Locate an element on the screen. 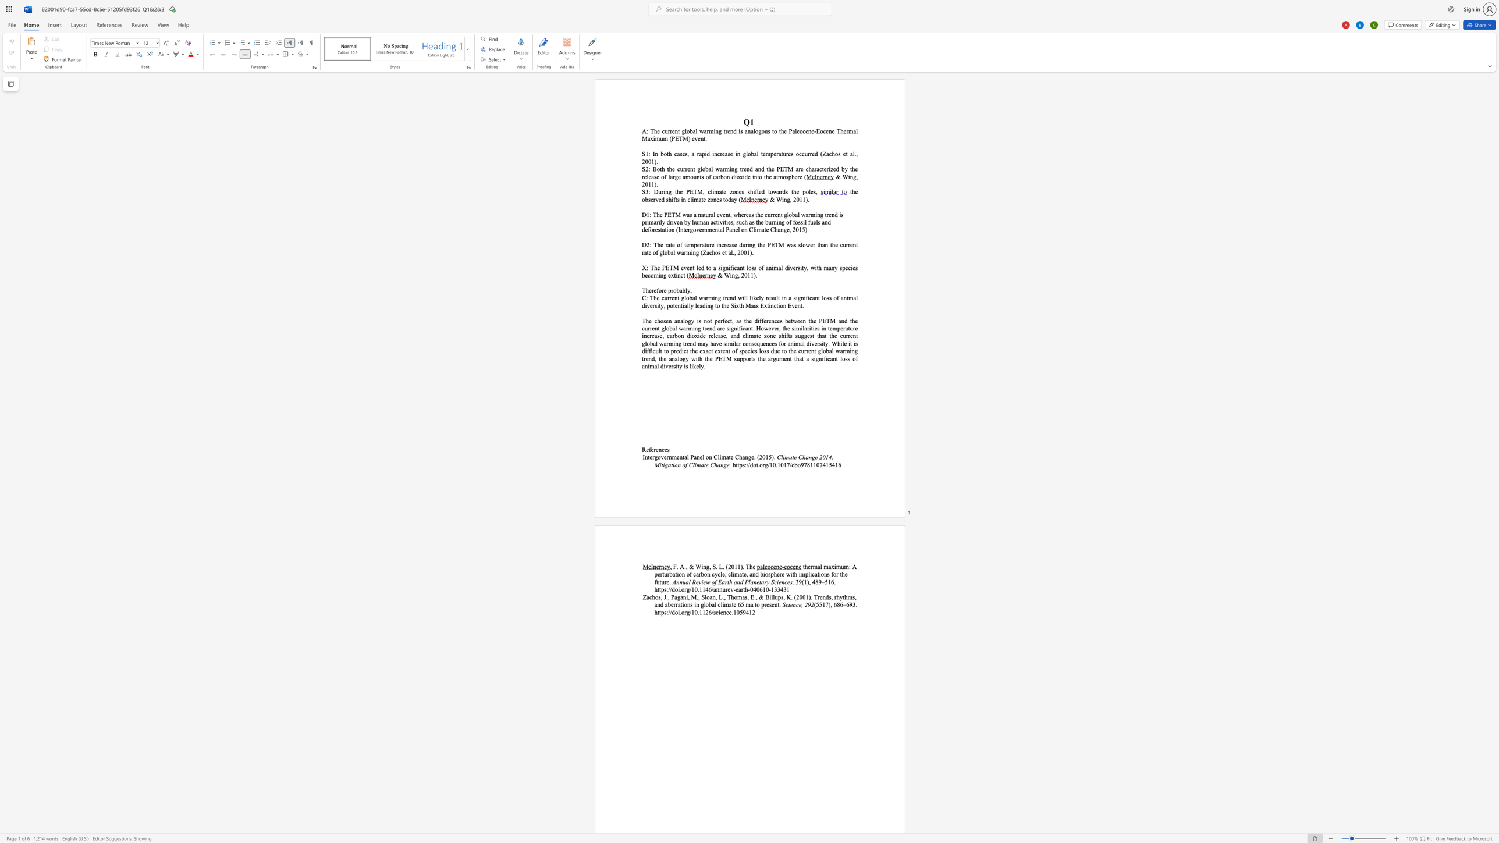 The width and height of the screenshot is (1499, 843). the space between the continuous character "C" and ":" in the text is located at coordinates (645, 297).